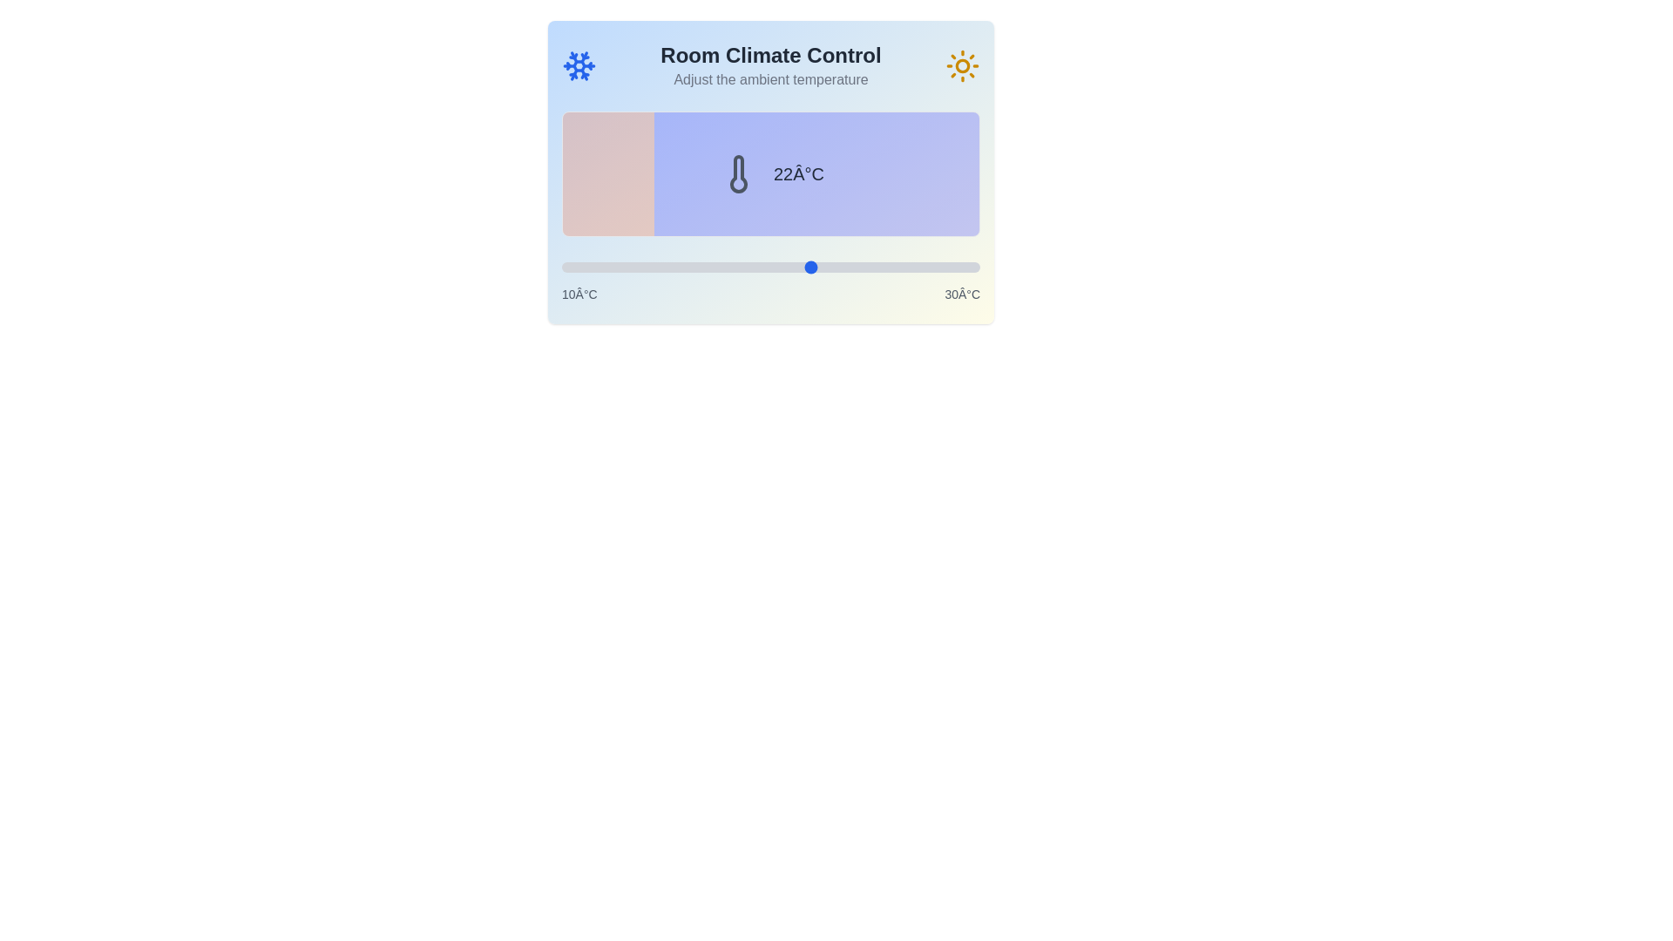 The width and height of the screenshot is (1673, 941). I want to click on the temperature slider to set the temperature to 14°C, so click(644, 267).